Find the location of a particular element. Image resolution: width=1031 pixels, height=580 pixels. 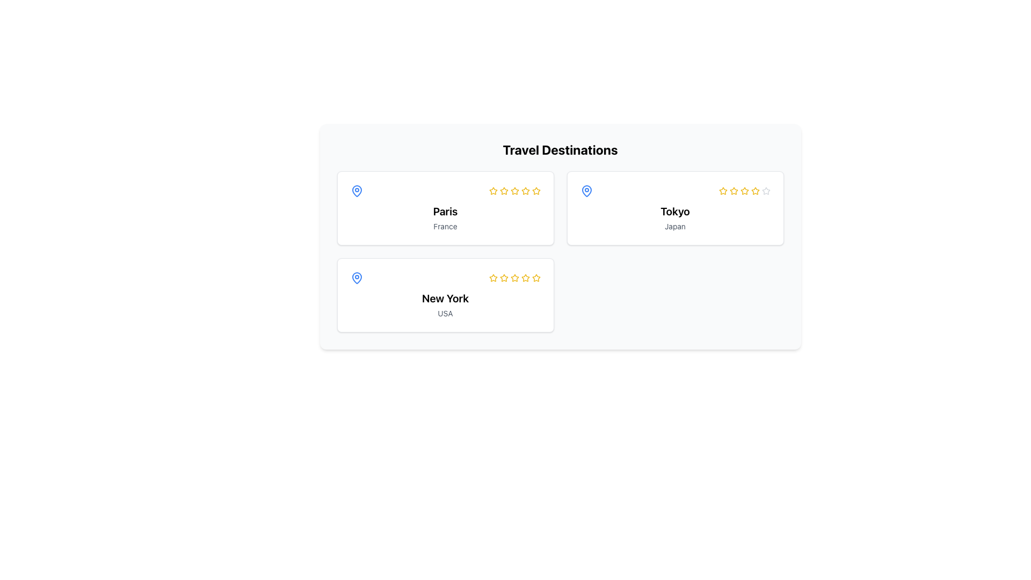

the text label displaying 'Tokyo', which is styled in bold and large font, located at the upper section of a white card on the right side of a travel destinations grid is located at coordinates (674, 211).